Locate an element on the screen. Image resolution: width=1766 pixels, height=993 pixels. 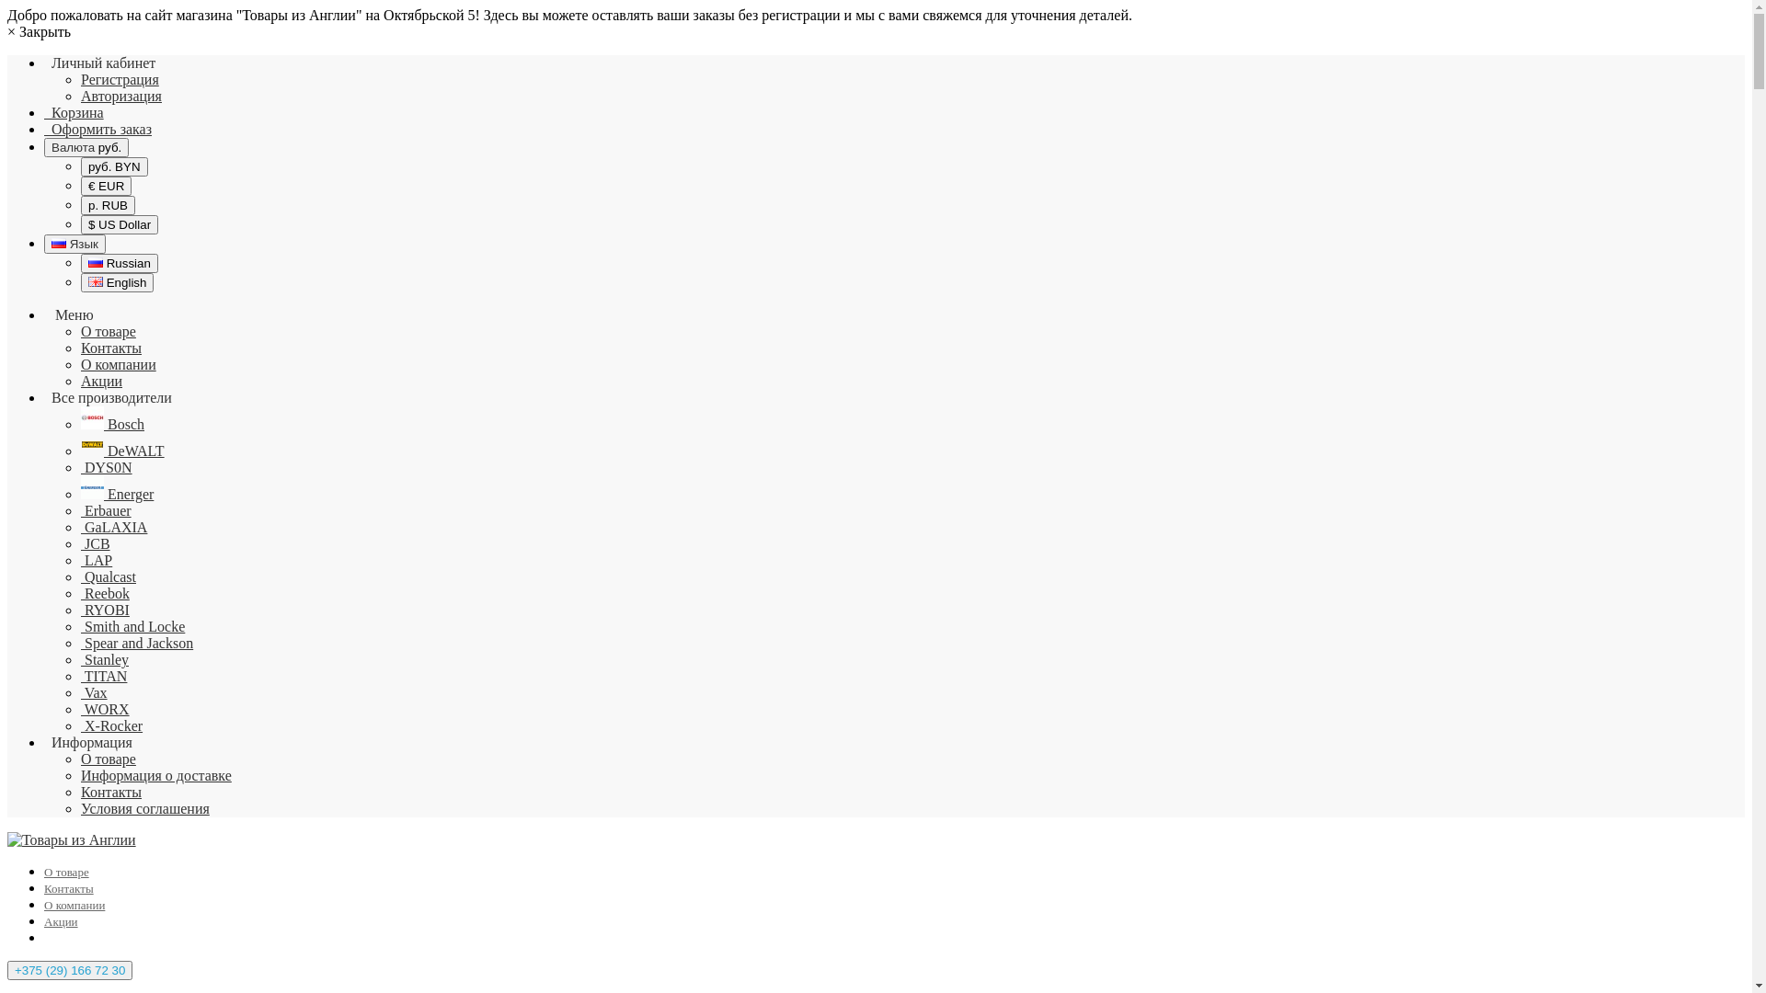
'Russian' is located at coordinates (58, 242).